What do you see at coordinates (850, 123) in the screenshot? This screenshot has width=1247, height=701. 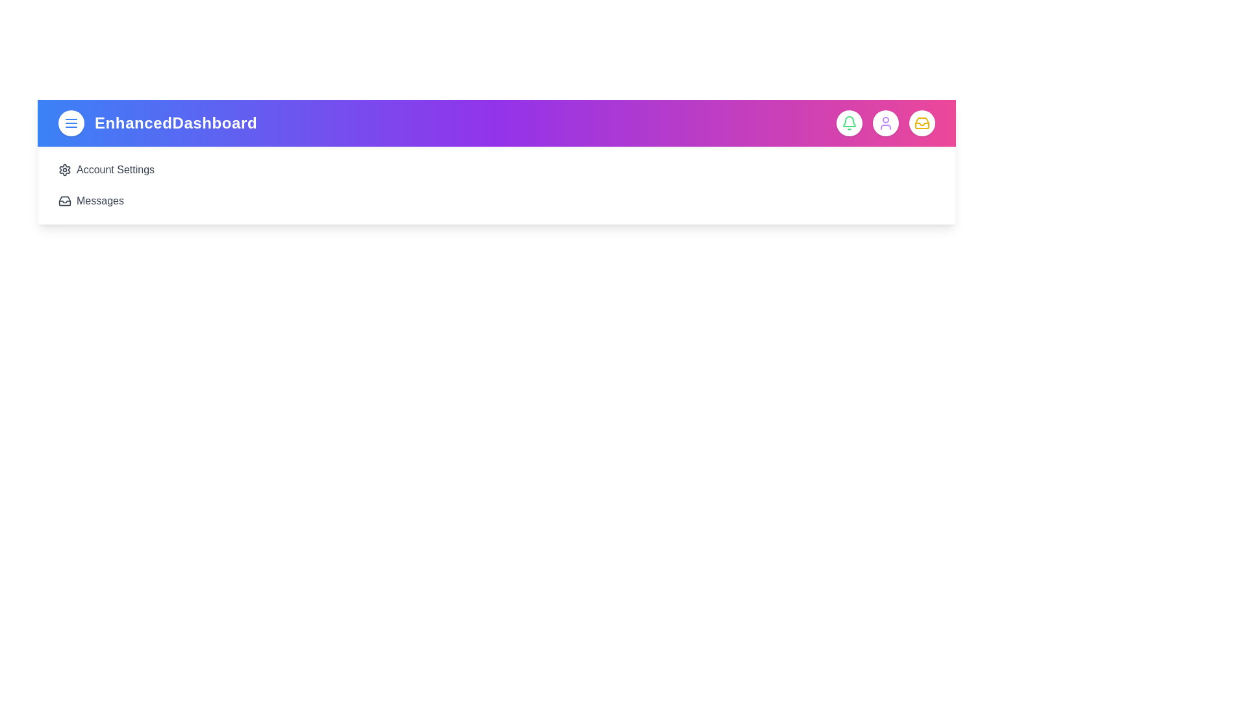 I see `the 'Bell' icon to trigger its associated action` at bounding box center [850, 123].